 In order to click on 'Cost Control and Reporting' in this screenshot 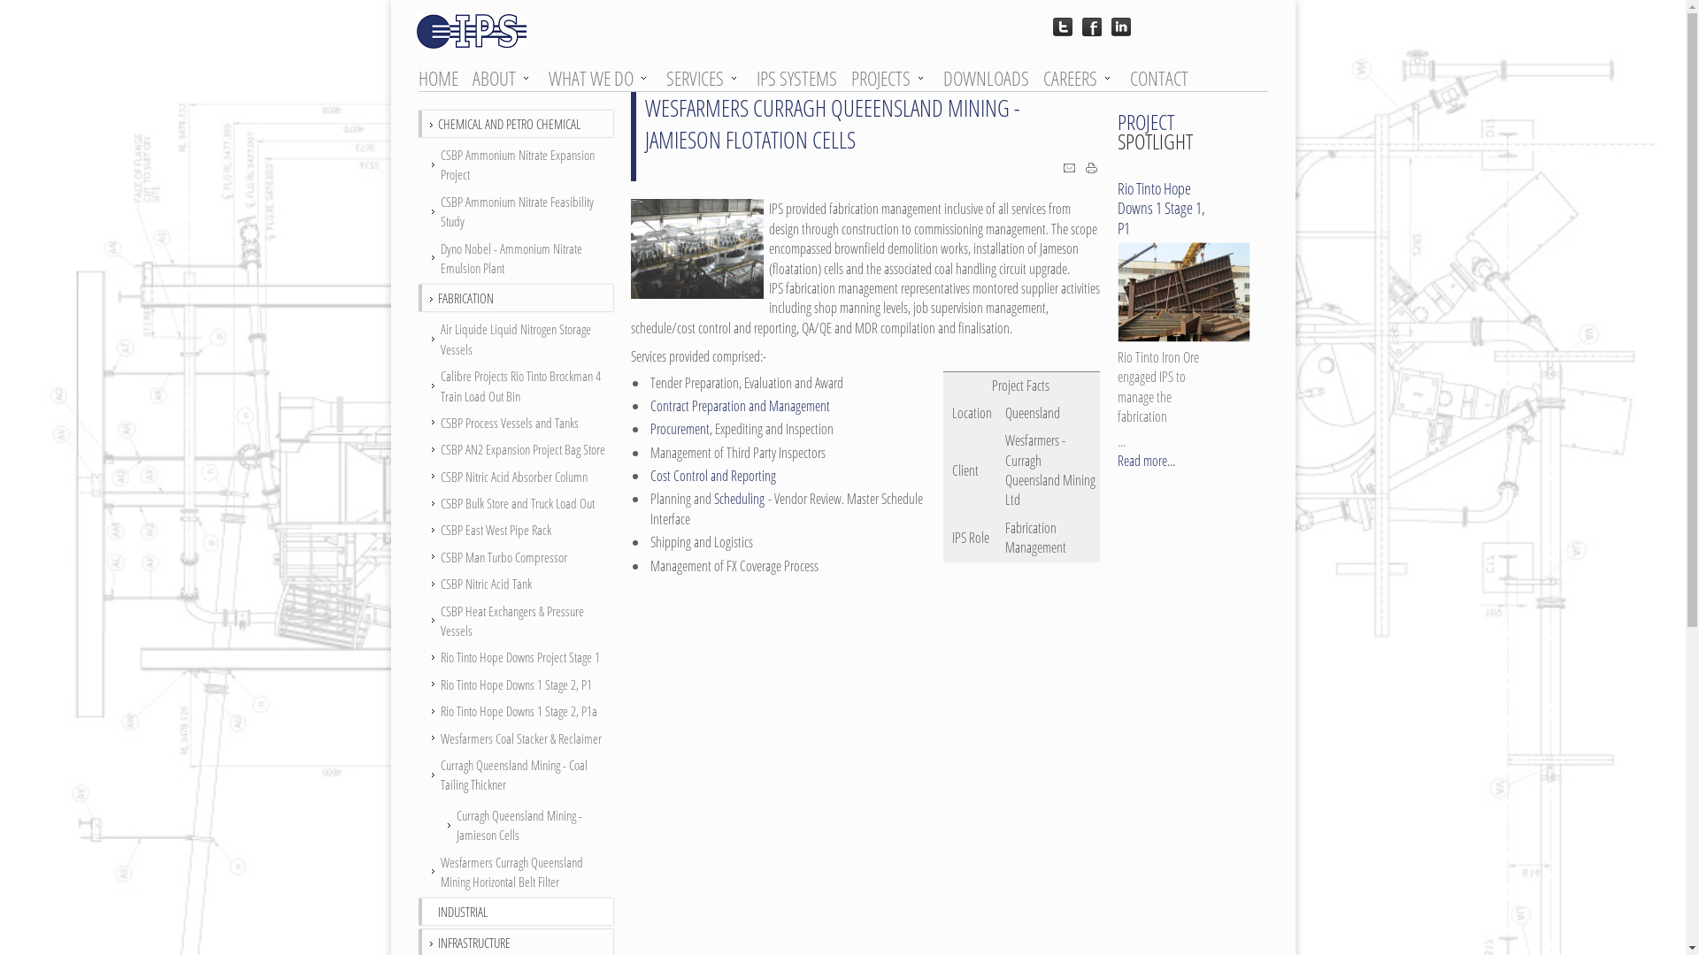, I will do `click(712, 474)`.